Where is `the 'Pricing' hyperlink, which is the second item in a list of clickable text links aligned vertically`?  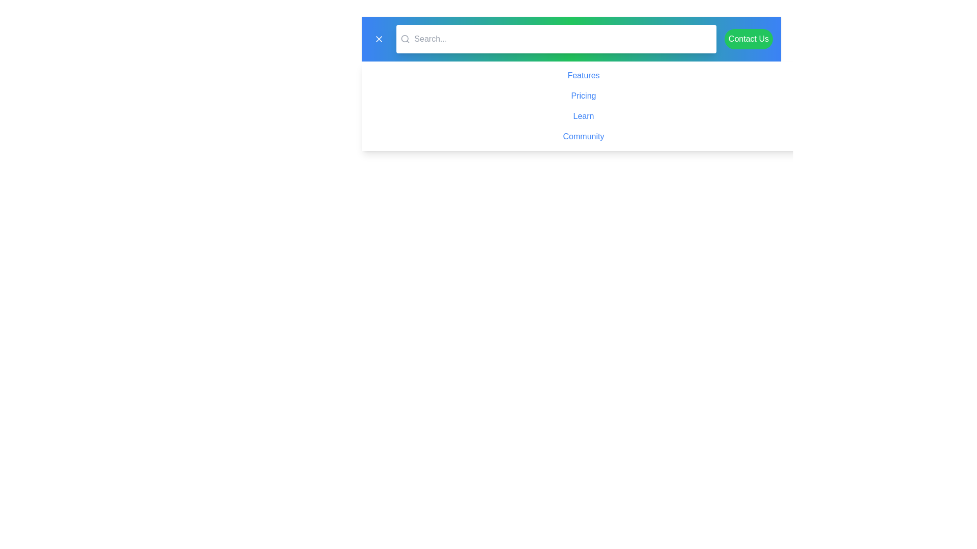
the 'Pricing' hyperlink, which is the second item in a list of clickable text links aligned vertically is located at coordinates (584, 96).